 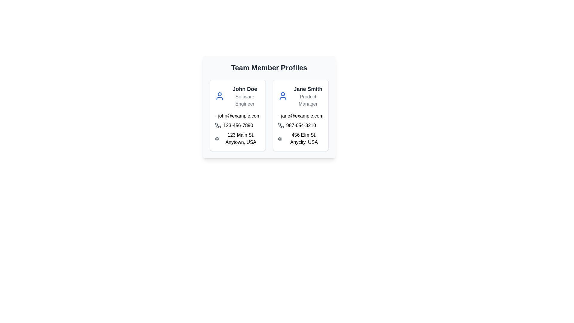 What do you see at coordinates (219, 96) in the screenshot?
I see `the blue user profile icon, which is a rounded figure of a head and shoulders located to the left of the name 'John Doe' and the title 'Software Engineer'` at bounding box center [219, 96].